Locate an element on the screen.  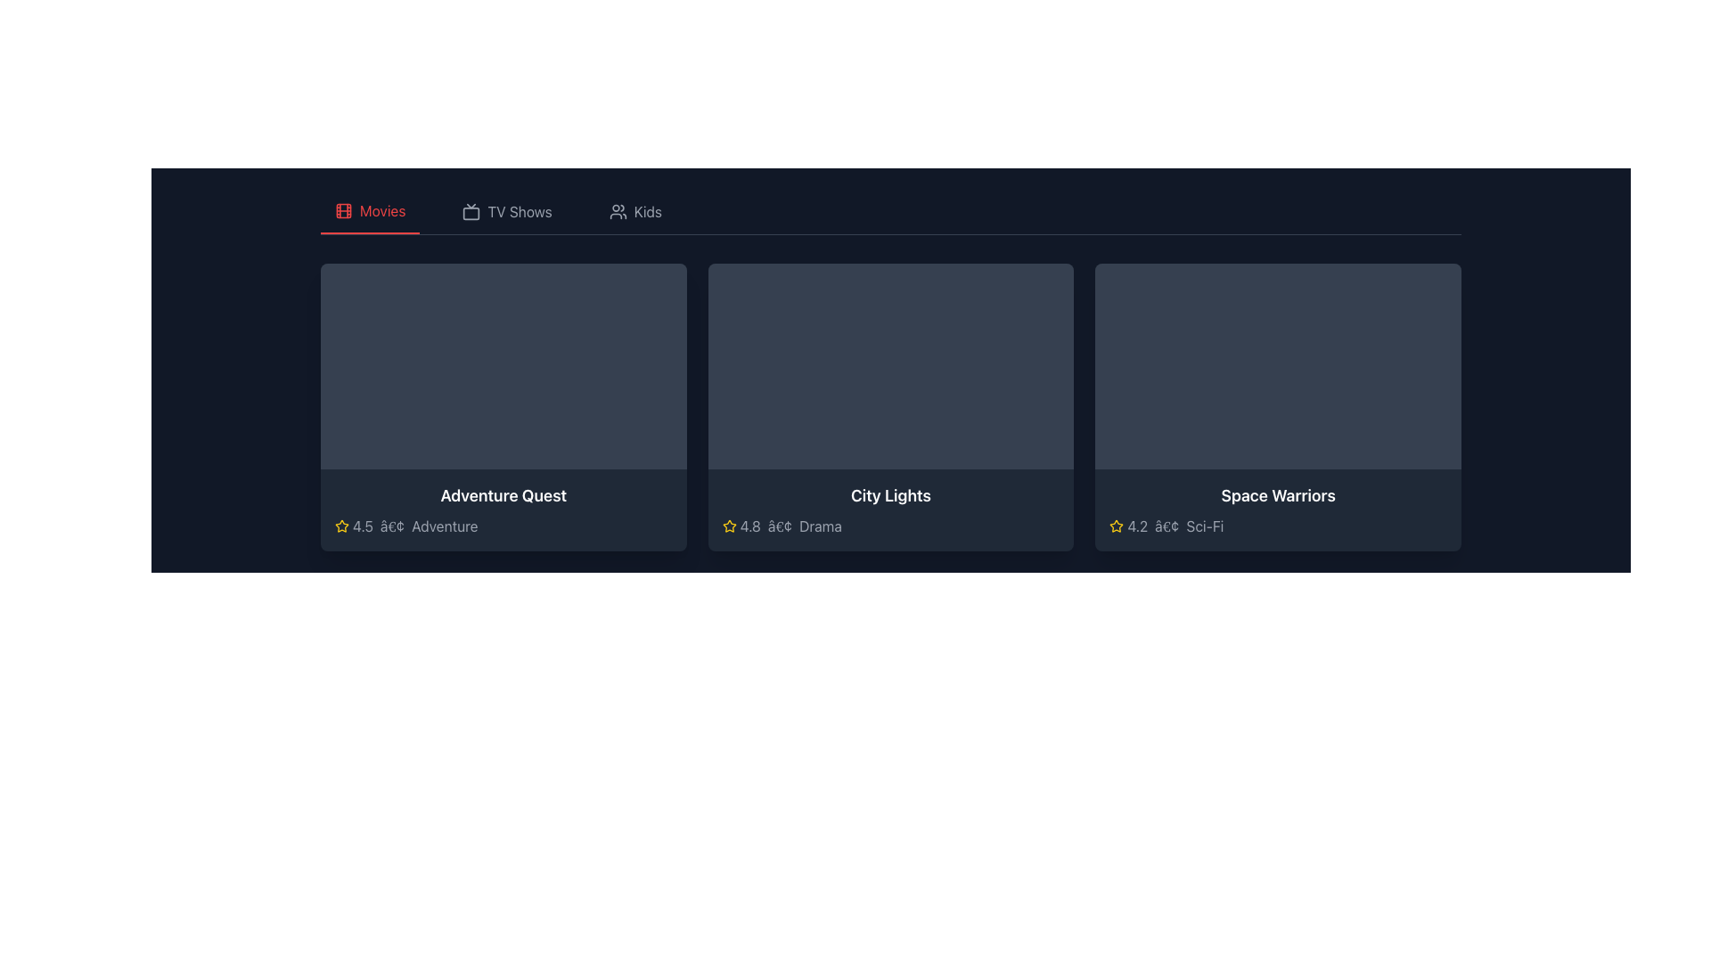
the title text 'City Lights' which is positioned at the center of the middle card in a horizontally-aligned list of cards, indicating the main identifier of the content represented by the card is located at coordinates (890, 495).